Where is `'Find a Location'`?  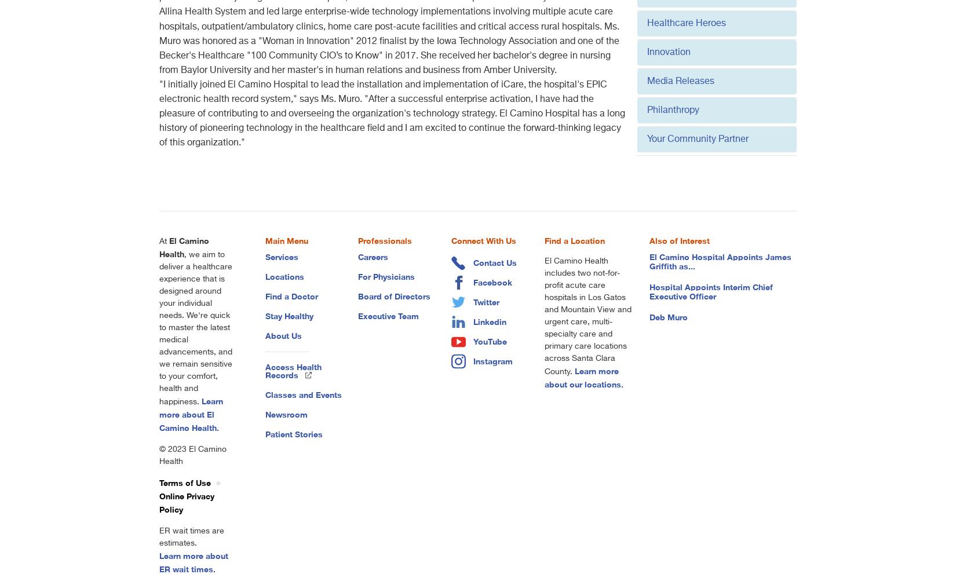
'Find a Location' is located at coordinates (574, 240).